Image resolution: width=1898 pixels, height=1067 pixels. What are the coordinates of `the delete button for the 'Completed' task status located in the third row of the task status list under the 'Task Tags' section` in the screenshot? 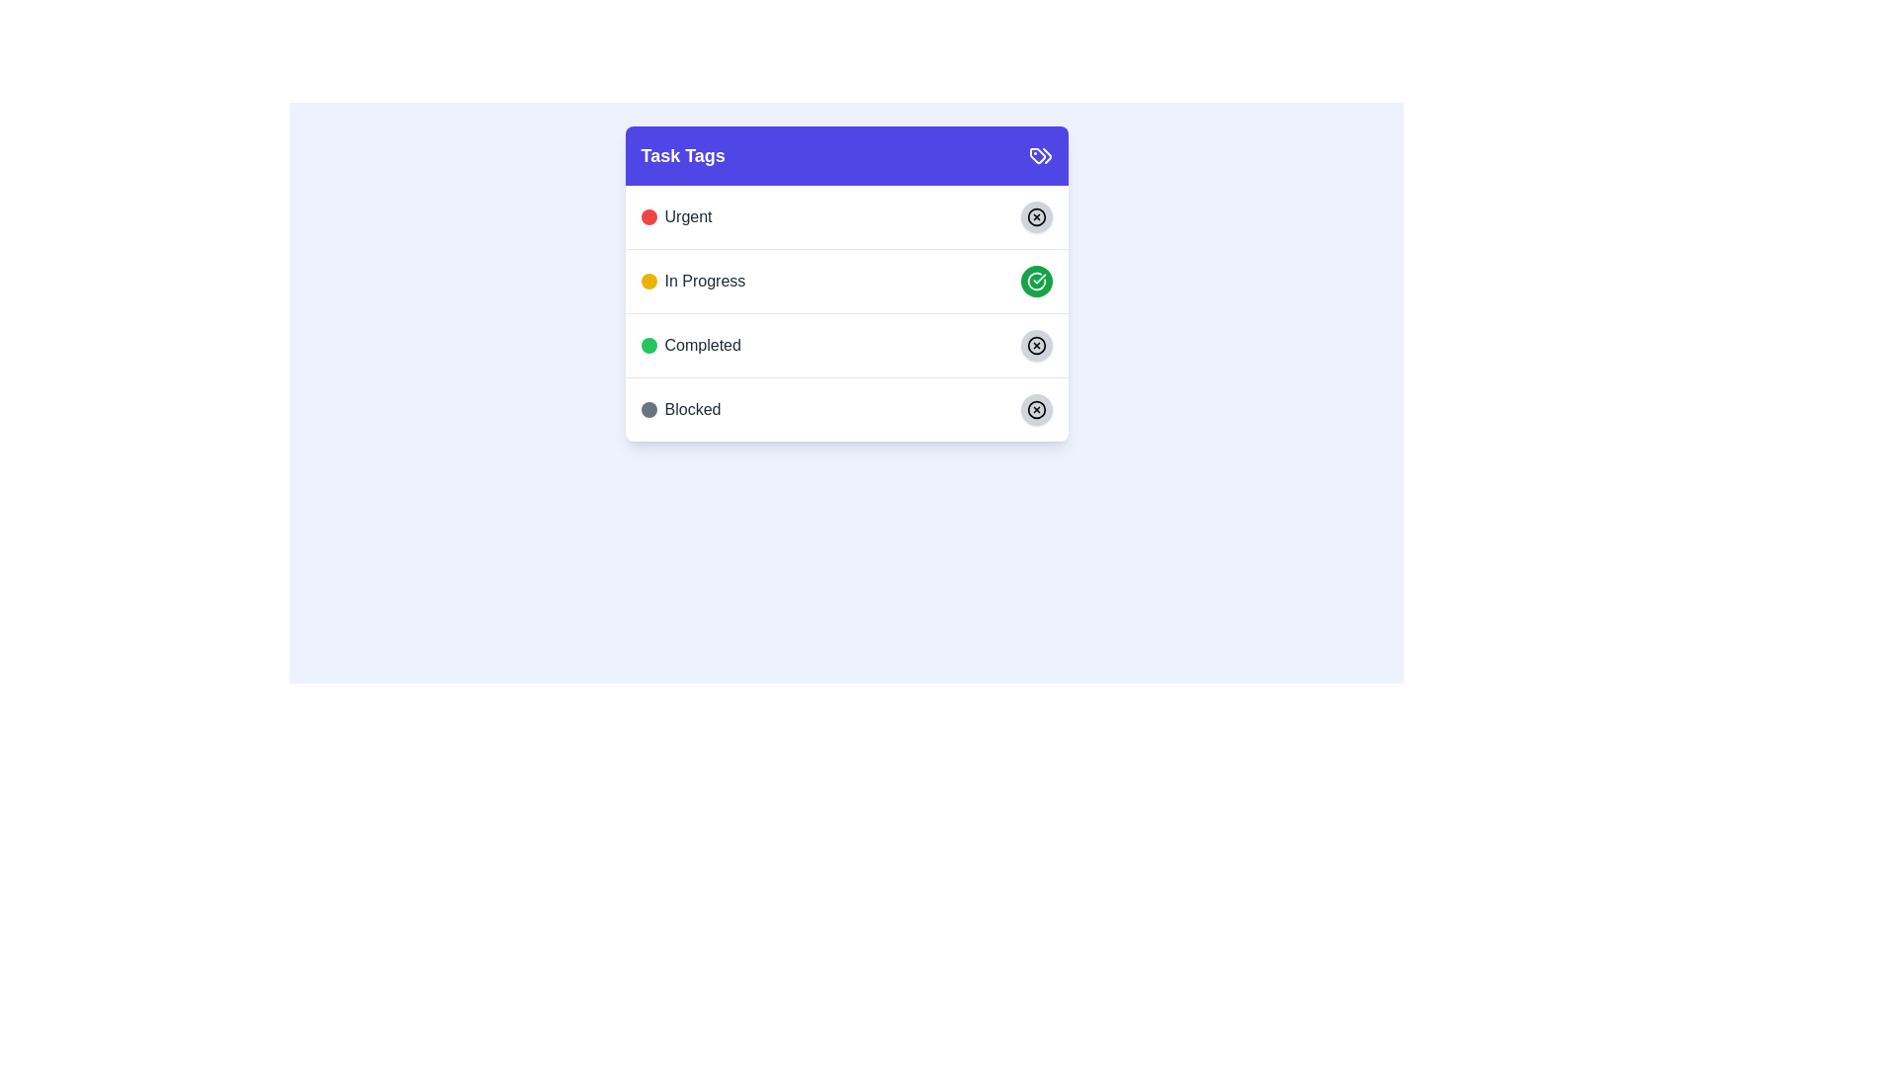 It's located at (1035, 345).